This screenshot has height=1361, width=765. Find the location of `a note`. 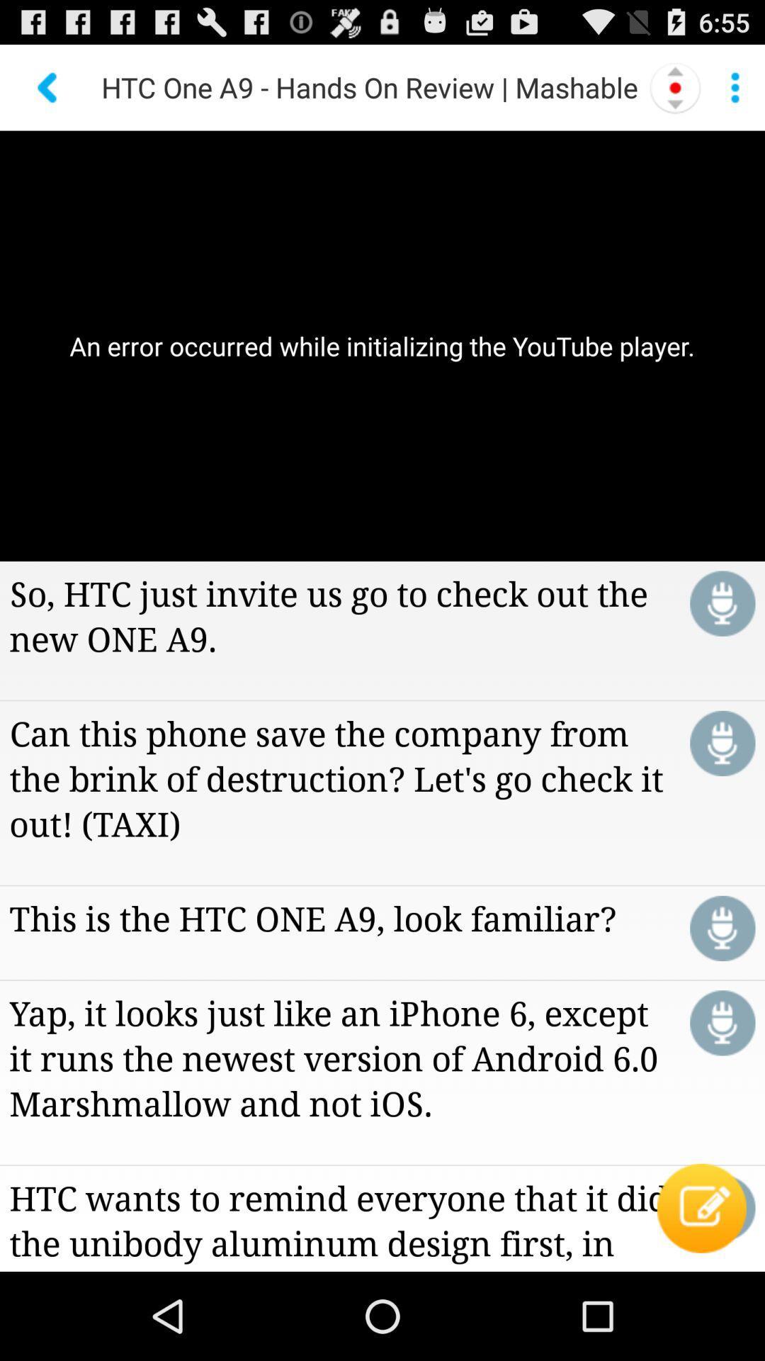

a note is located at coordinates (722, 1207).